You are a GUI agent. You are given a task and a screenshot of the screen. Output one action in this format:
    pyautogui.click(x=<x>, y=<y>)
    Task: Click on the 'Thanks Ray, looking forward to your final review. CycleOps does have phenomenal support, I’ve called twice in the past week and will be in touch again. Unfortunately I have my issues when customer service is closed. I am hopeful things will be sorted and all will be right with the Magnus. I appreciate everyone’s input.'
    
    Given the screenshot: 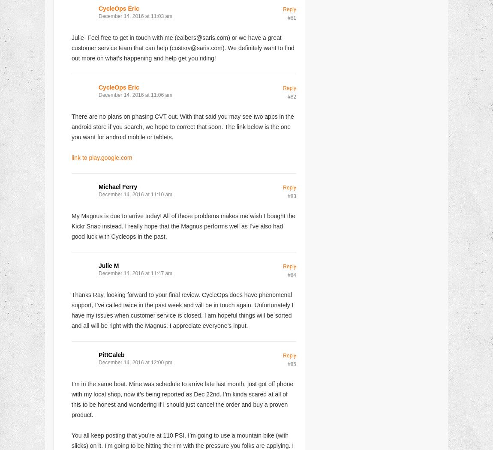 What is the action you would take?
    pyautogui.click(x=182, y=309)
    